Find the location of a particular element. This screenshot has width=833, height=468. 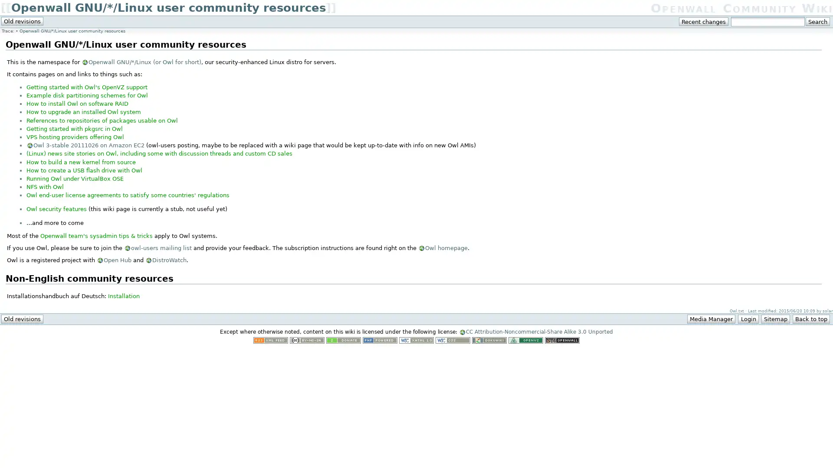

Old revisions is located at coordinates (22, 21).